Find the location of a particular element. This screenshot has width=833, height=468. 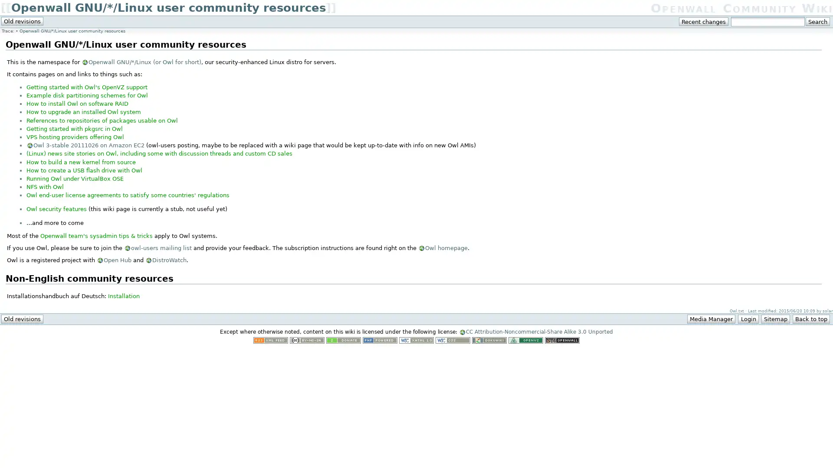

Old revisions is located at coordinates (22, 21).